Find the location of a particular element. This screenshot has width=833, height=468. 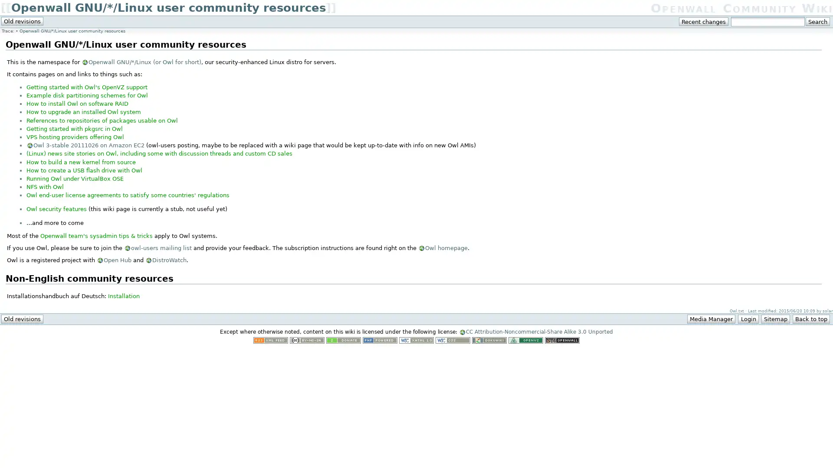

Old revisions is located at coordinates (22, 21).